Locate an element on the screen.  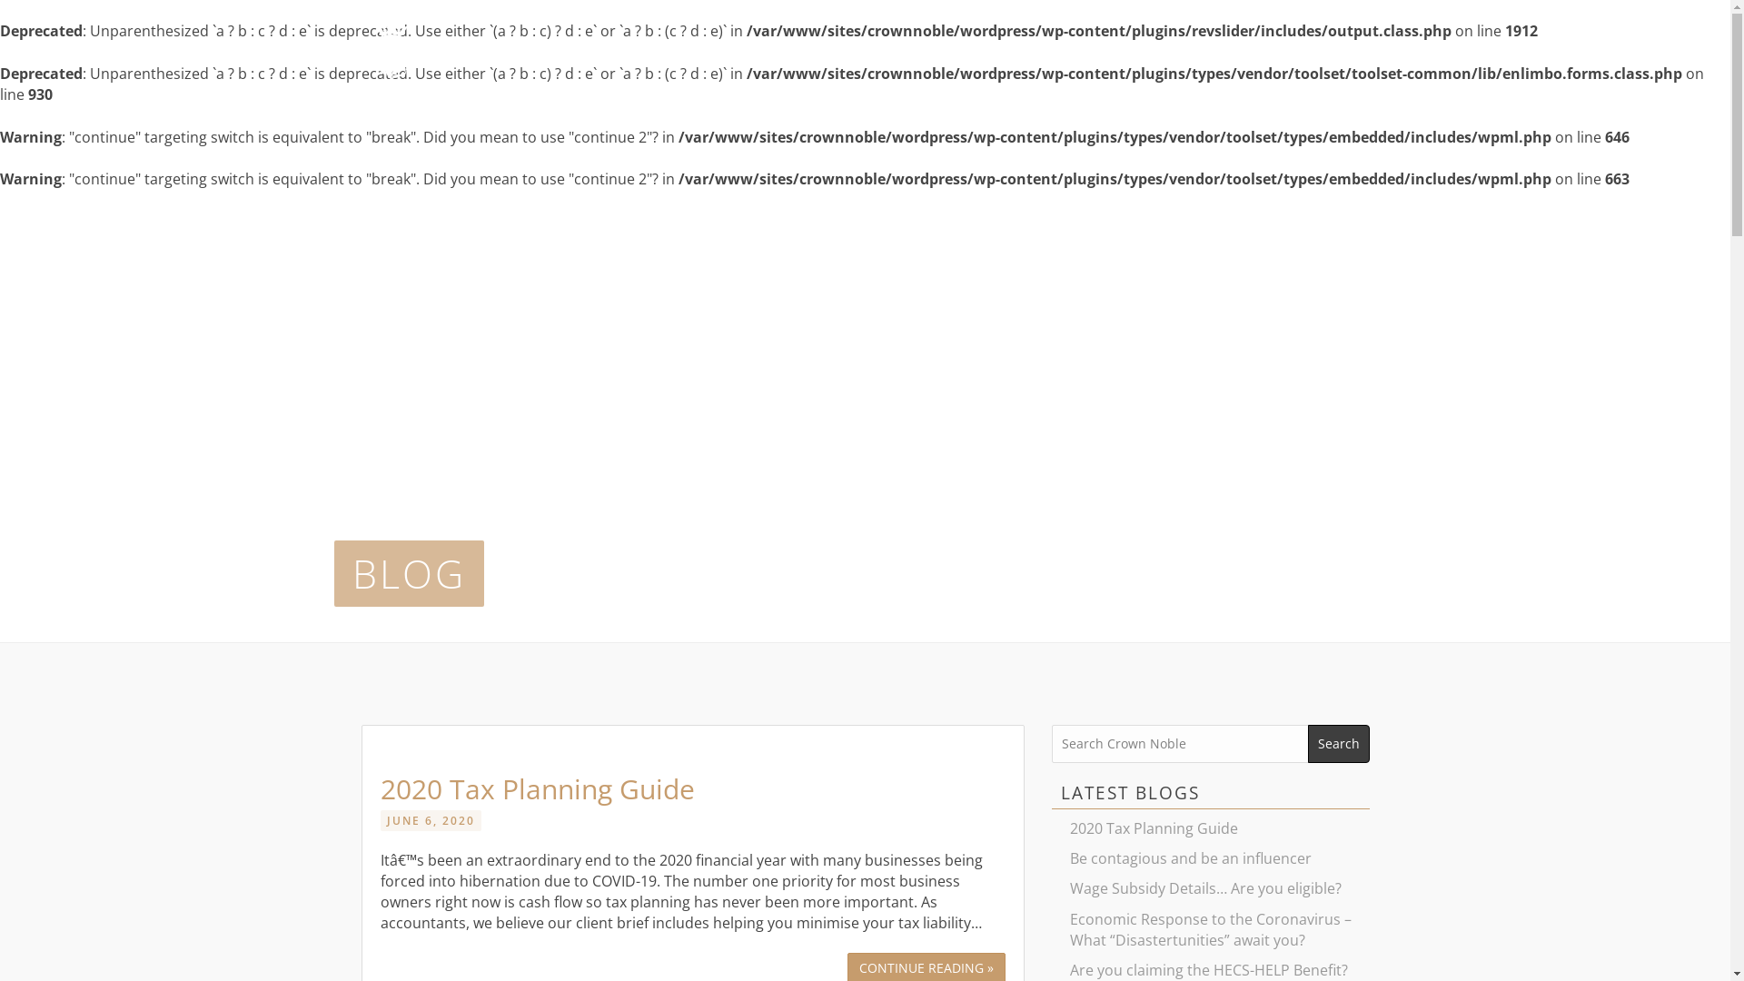
'2020 Tax Planning Guide' is located at coordinates (1211, 828).